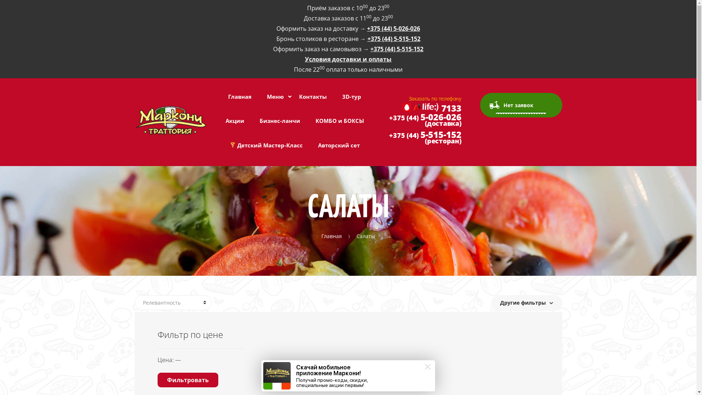 This screenshot has height=395, width=702. What do you see at coordinates (396, 49) in the screenshot?
I see `'+375 (44) 5-515-152'` at bounding box center [396, 49].